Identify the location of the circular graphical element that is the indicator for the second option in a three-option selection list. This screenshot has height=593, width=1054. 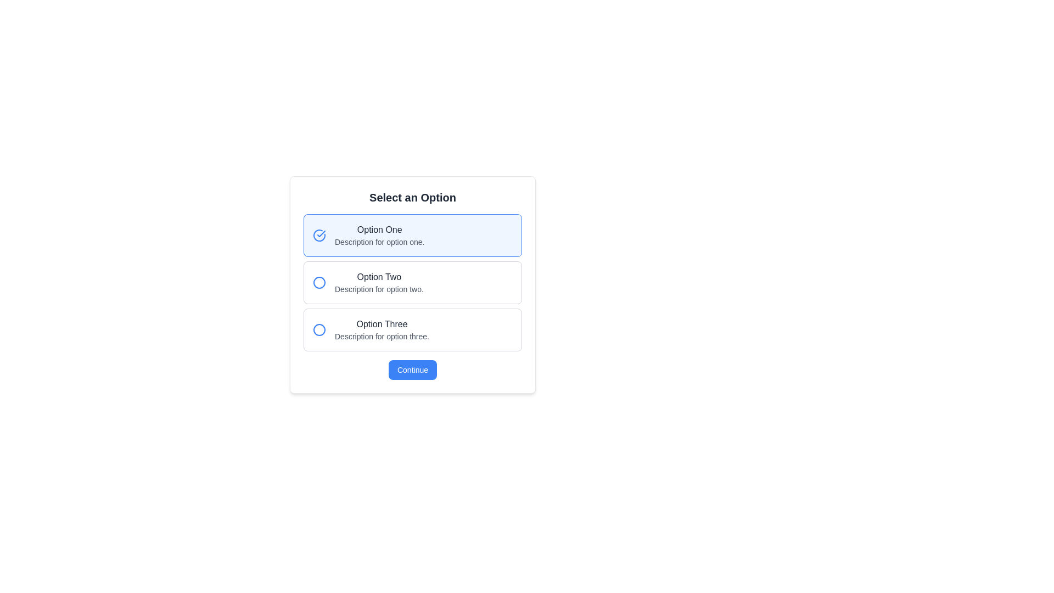
(318, 282).